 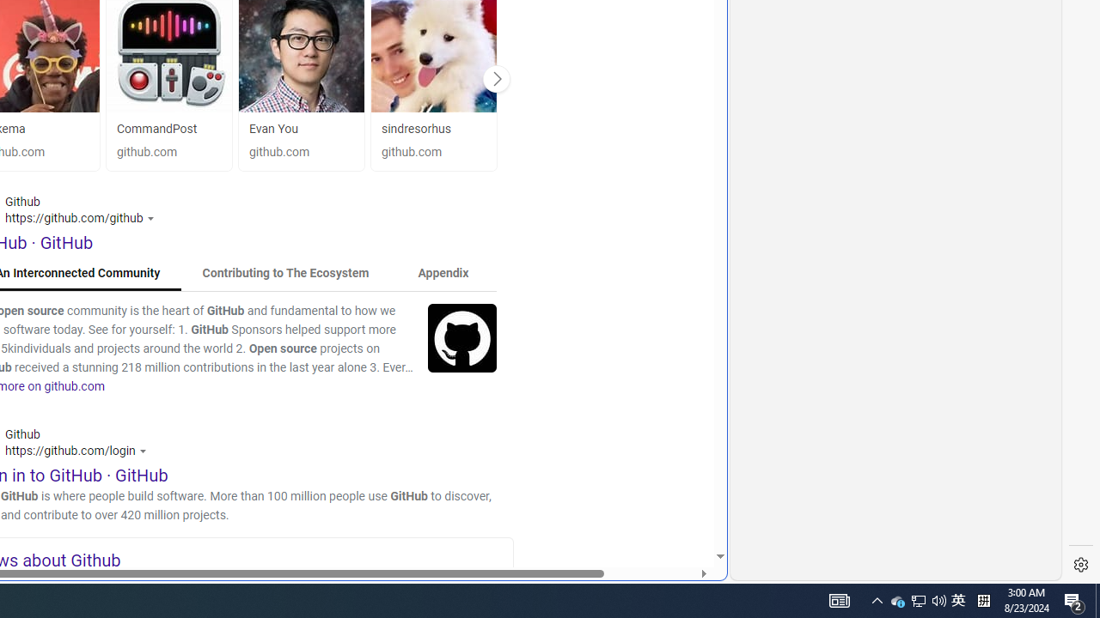 What do you see at coordinates (285, 272) in the screenshot?
I see `'Contributing to The Ecosystem'` at bounding box center [285, 272].